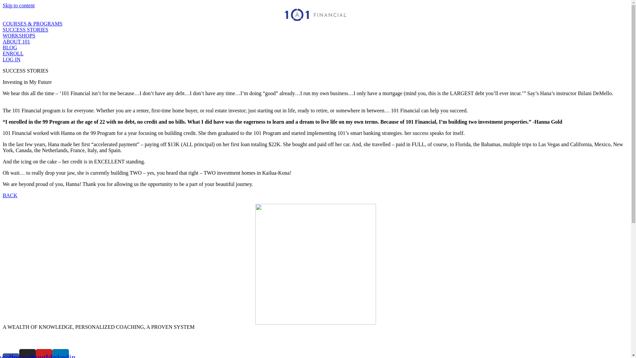  What do you see at coordinates (19, 35) in the screenshot?
I see `'WORKSHOPS'` at bounding box center [19, 35].